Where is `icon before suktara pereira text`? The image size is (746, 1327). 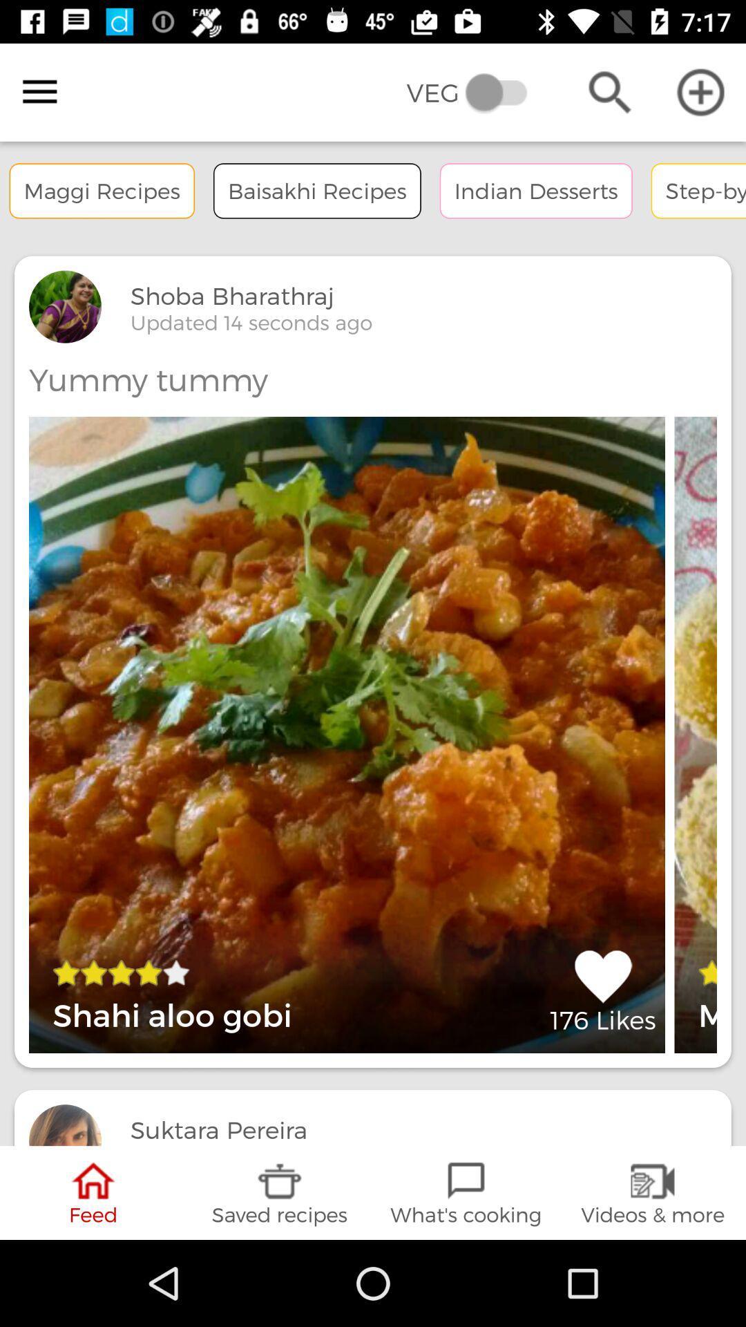
icon before suktara pereira text is located at coordinates (65, 1124).